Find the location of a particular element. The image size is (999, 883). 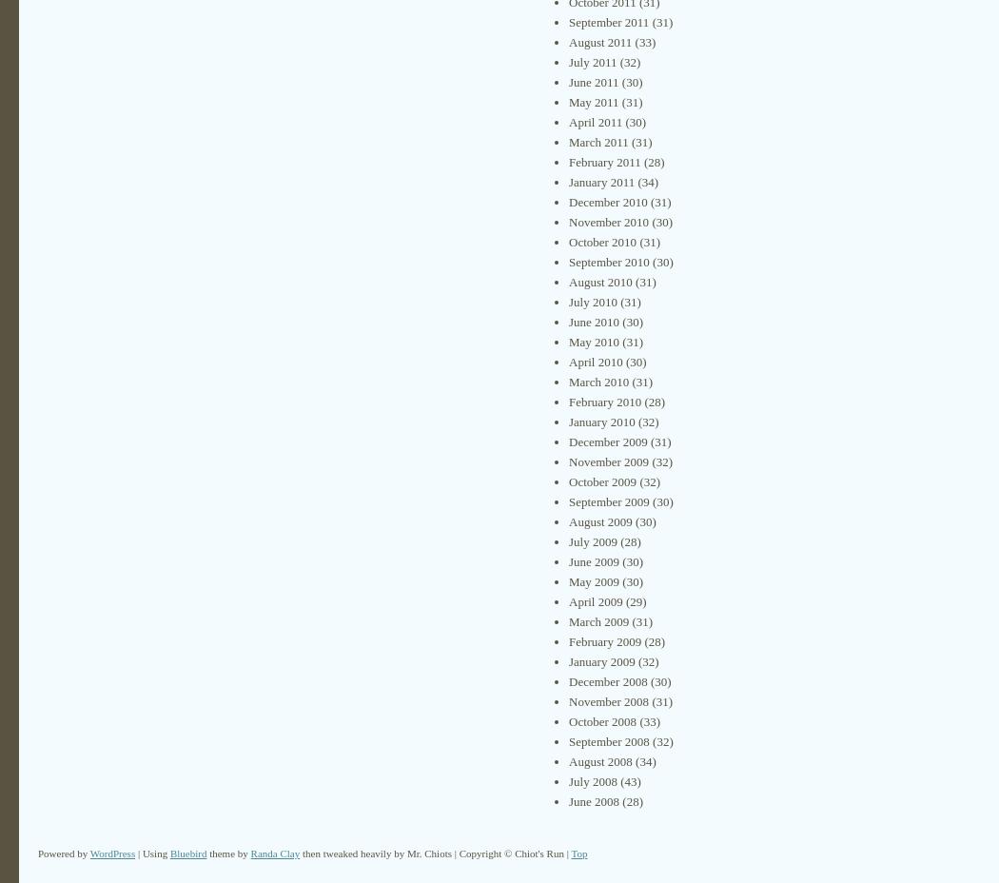

'November 2008' is located at coordinates (567, 700).